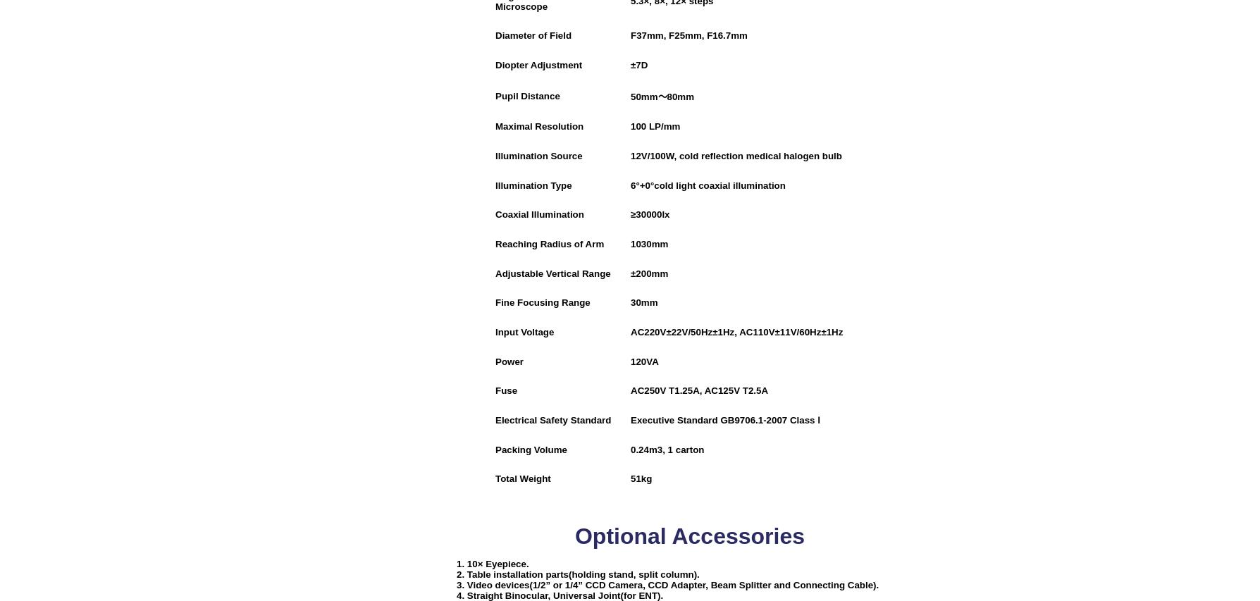 The image size is (1260, 601). Describe the element at coordinates (644, 361) in the screenshot. I see `'120VA'` at that location.